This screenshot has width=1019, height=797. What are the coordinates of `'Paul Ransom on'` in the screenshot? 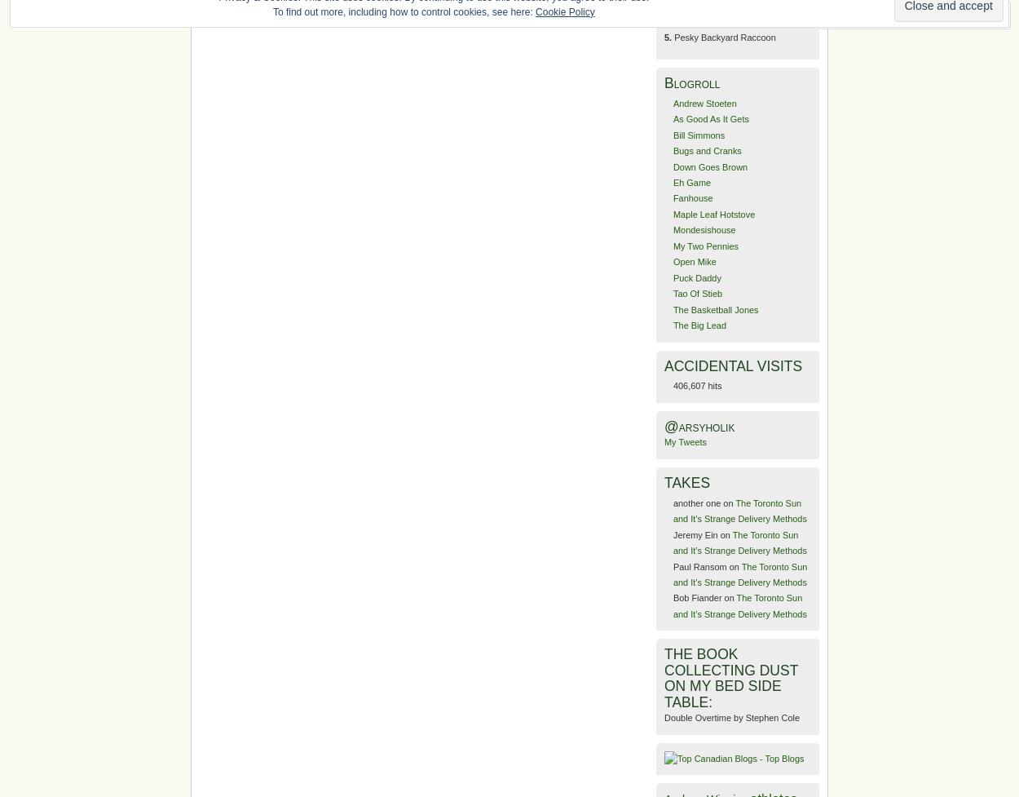 It's located at (706, 565).